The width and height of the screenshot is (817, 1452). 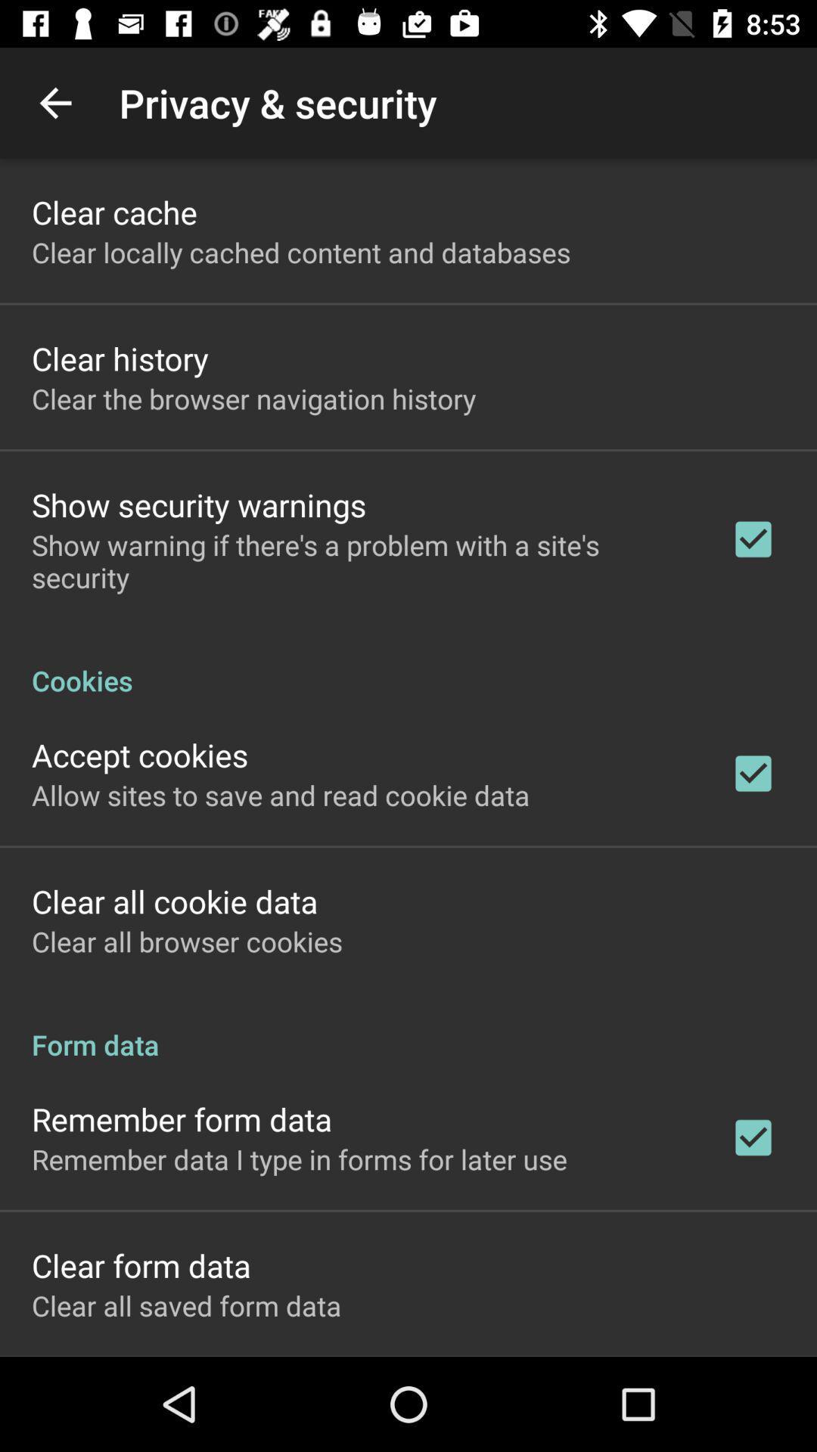 I want to click on the app above cookies app, so click(x=361, y=560).